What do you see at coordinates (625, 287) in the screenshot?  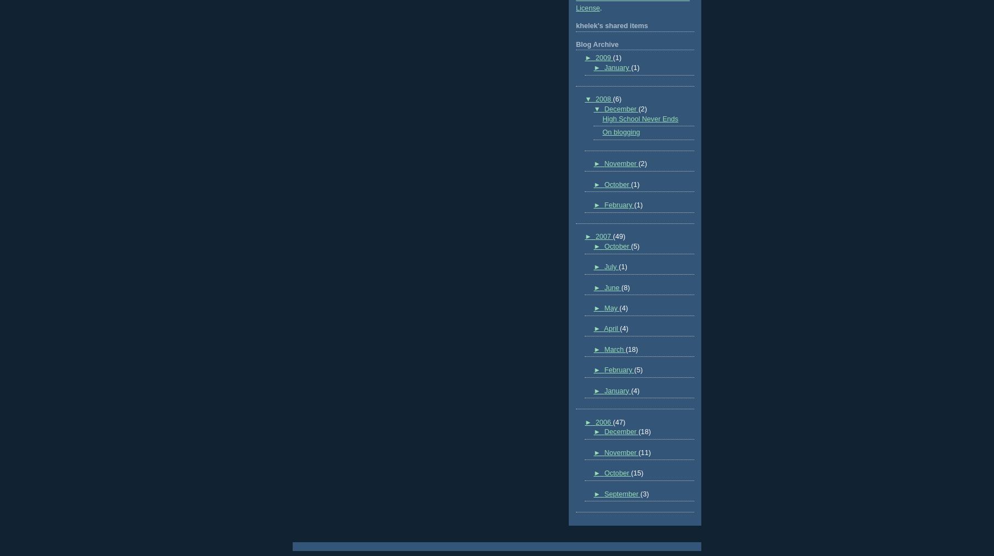 I see `'(8)'` at bounding box center [625, 287].